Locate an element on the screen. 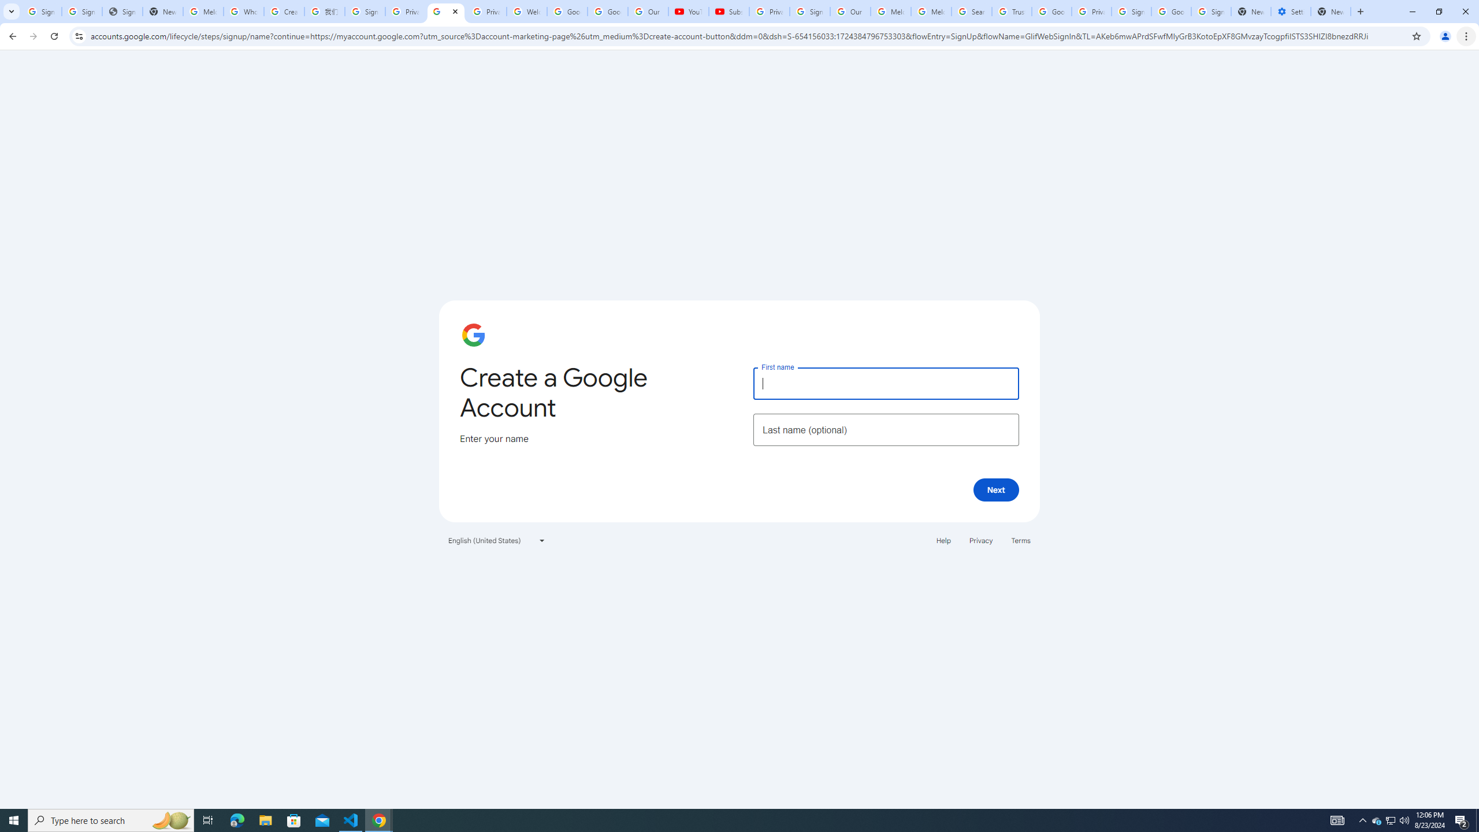  'First name' is located at coordinates (885, 382).